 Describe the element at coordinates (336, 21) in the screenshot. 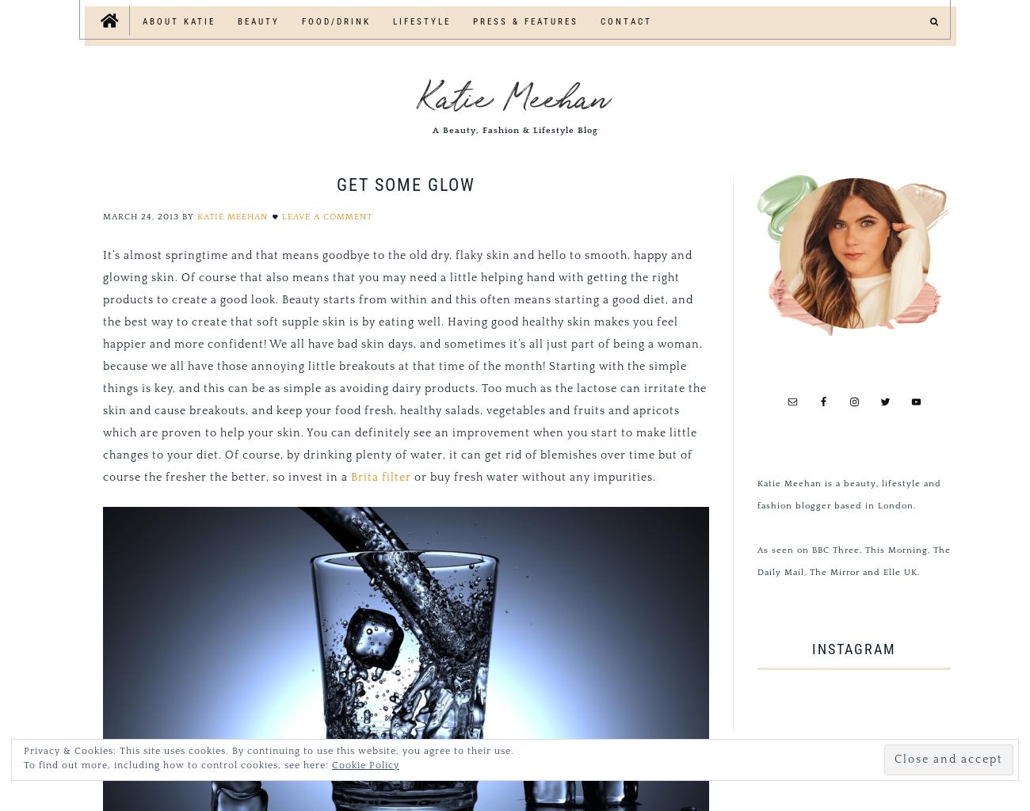

I see `'Food/Drink'` at that location.